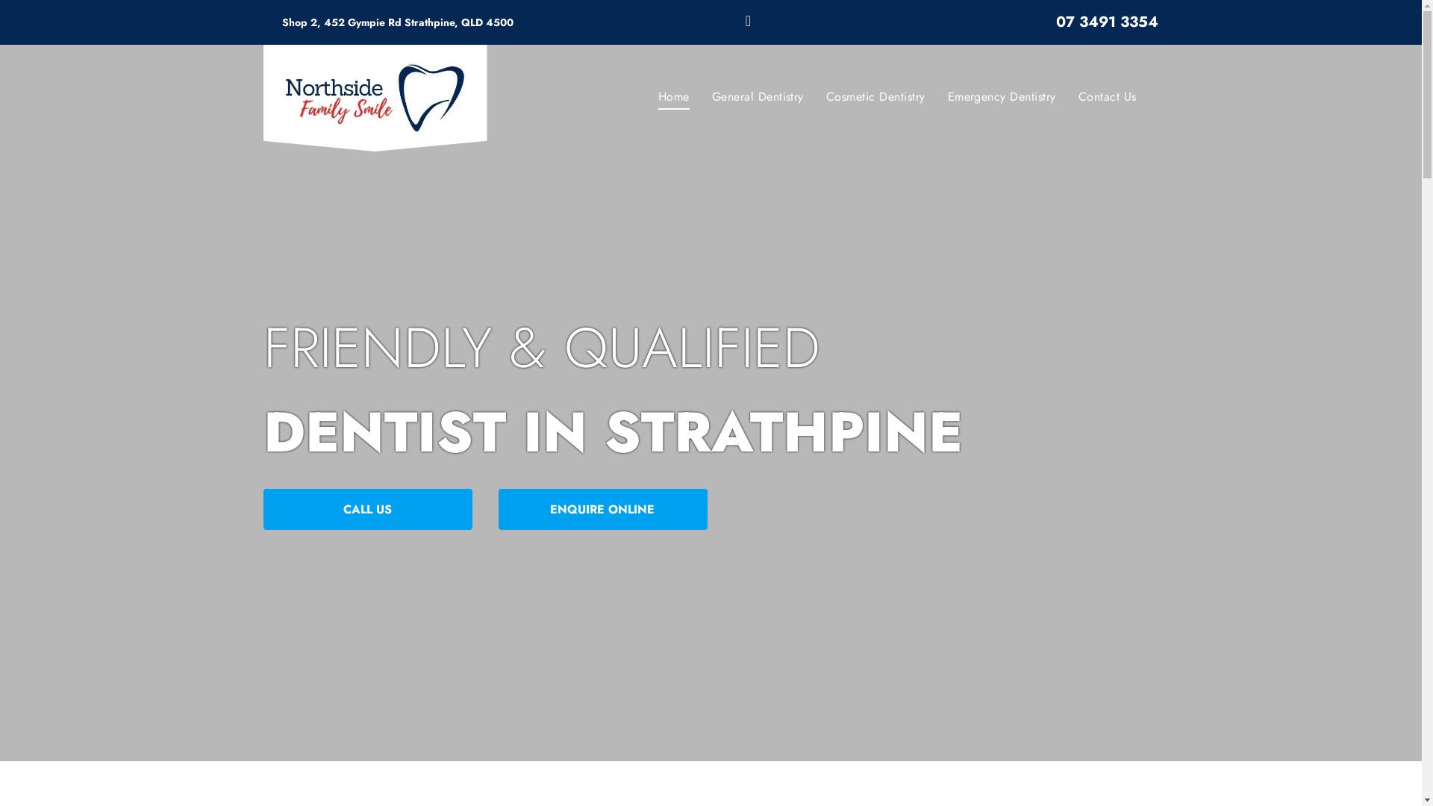 Image resolution: width=1433 pixels, height=806 pixels. I want to click on 'ENQUIRE ONLINE', so click(498, 508).